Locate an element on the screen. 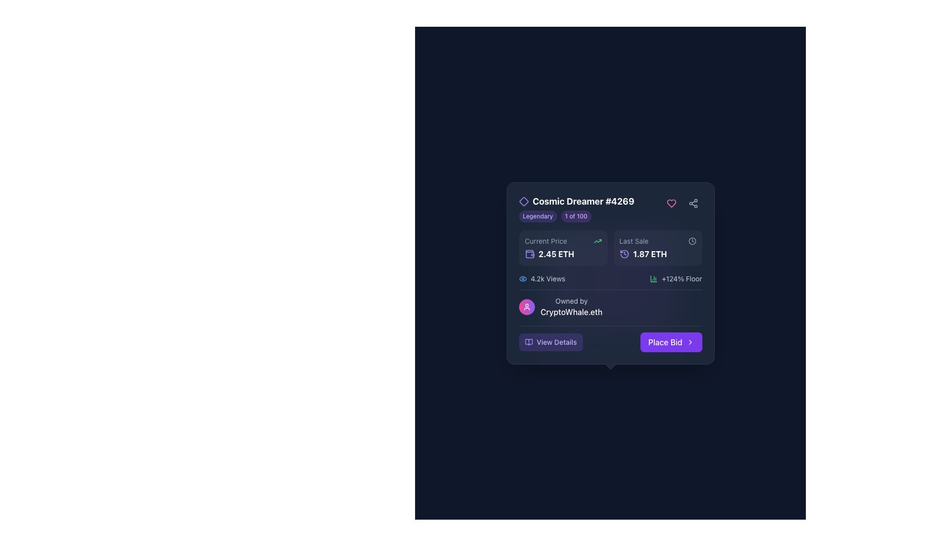 Image resolution: width=951 pixels, height=535 pixels. the small, violet-colored open book icon located to the left of the text 'View Details' in the UI is located at coordinates (528, 341).